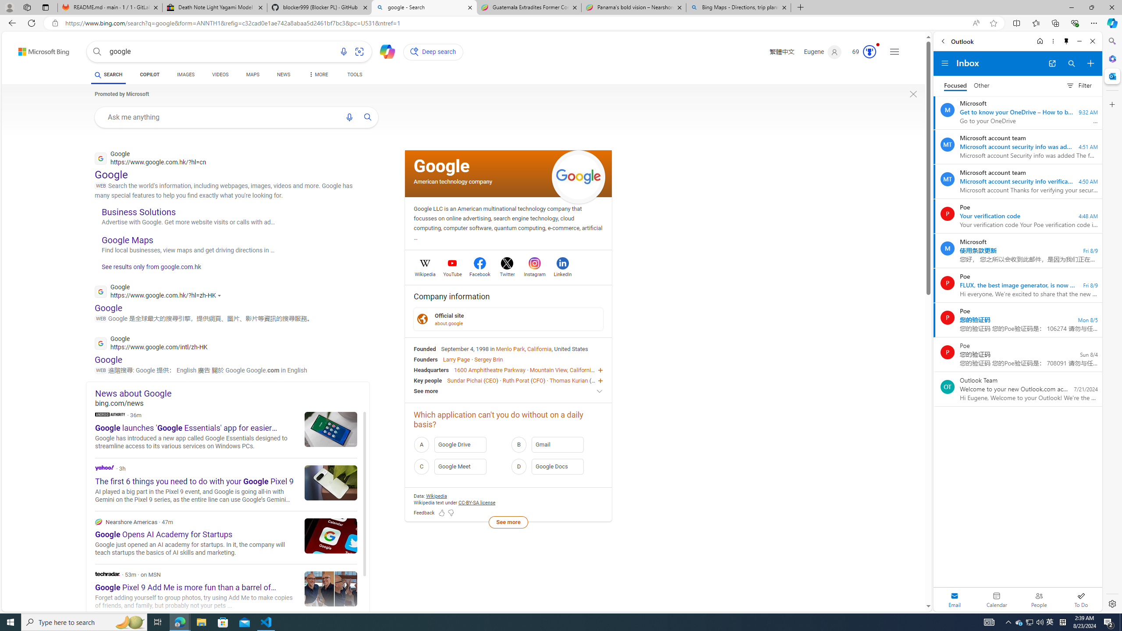  I want to click on 'MAPS', so click(252, 75).